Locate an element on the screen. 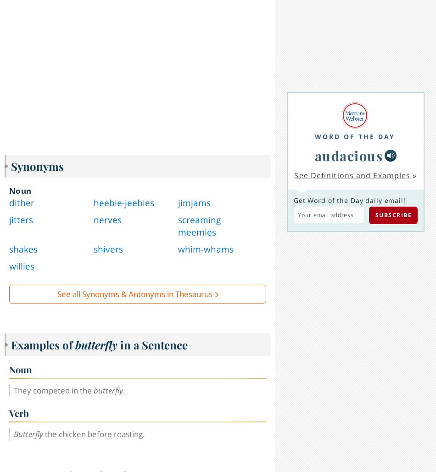 The height and width of the screenshot is (472, 436). 'SCRABBLE' is located at coordinates (187, 298).